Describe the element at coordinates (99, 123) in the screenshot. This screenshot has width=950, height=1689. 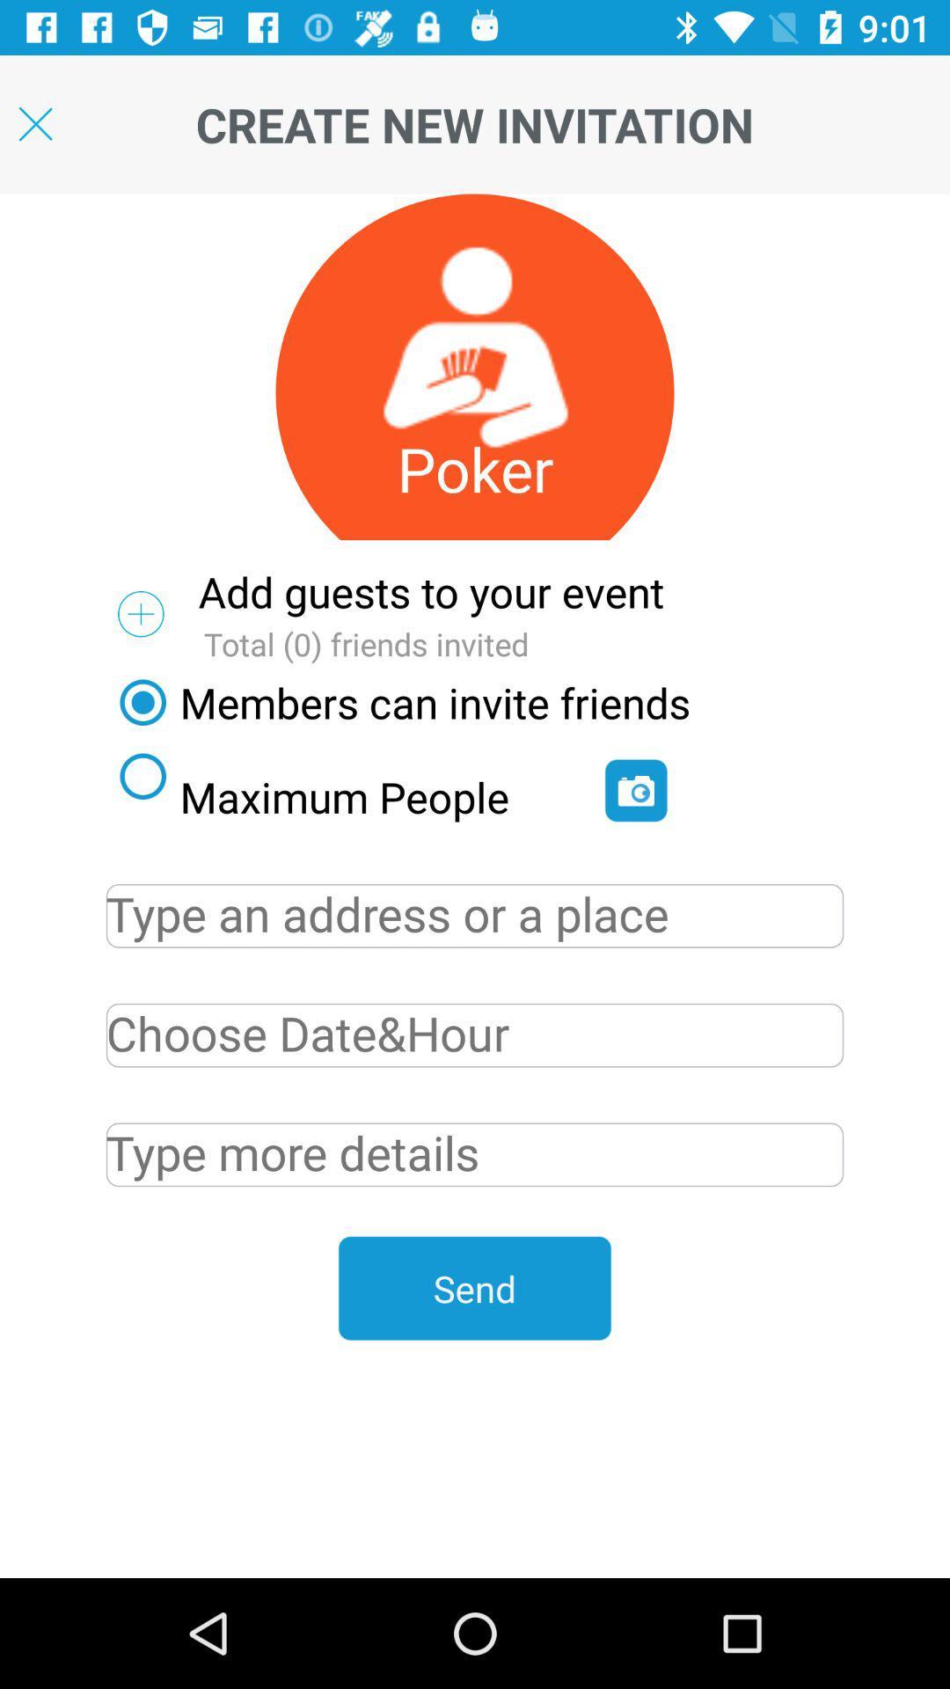
I see `the close icon` at that location.